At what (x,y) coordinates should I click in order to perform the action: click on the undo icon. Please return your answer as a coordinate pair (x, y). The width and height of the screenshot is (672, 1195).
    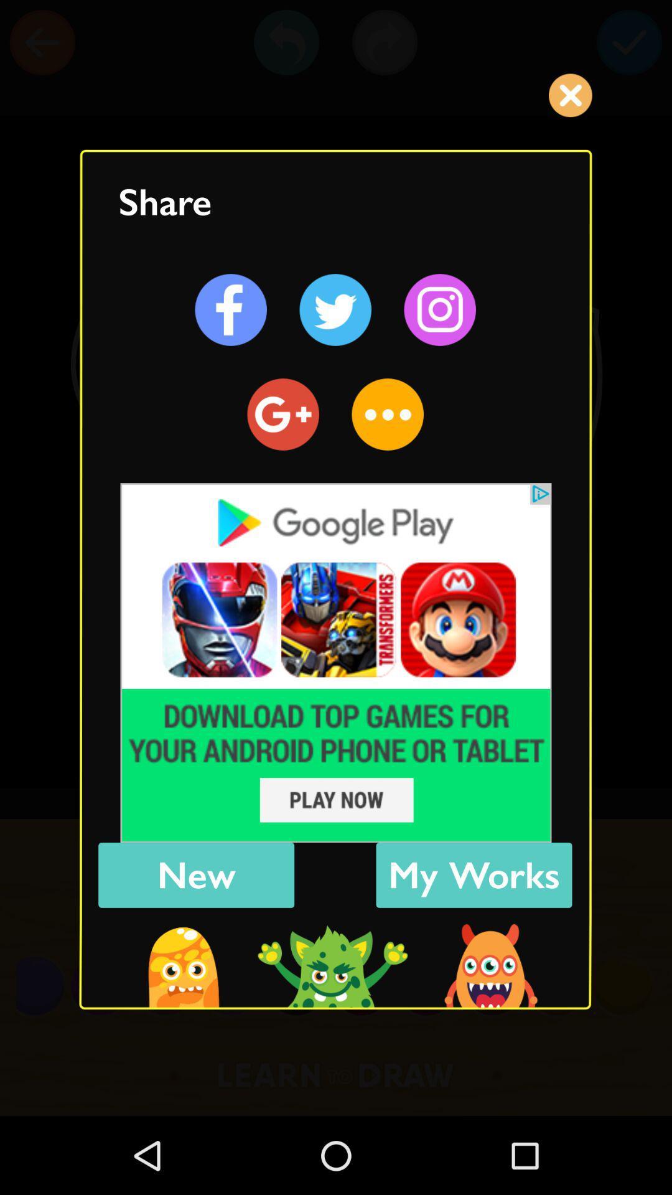
    Looking at the image, I should click on (286, 42).